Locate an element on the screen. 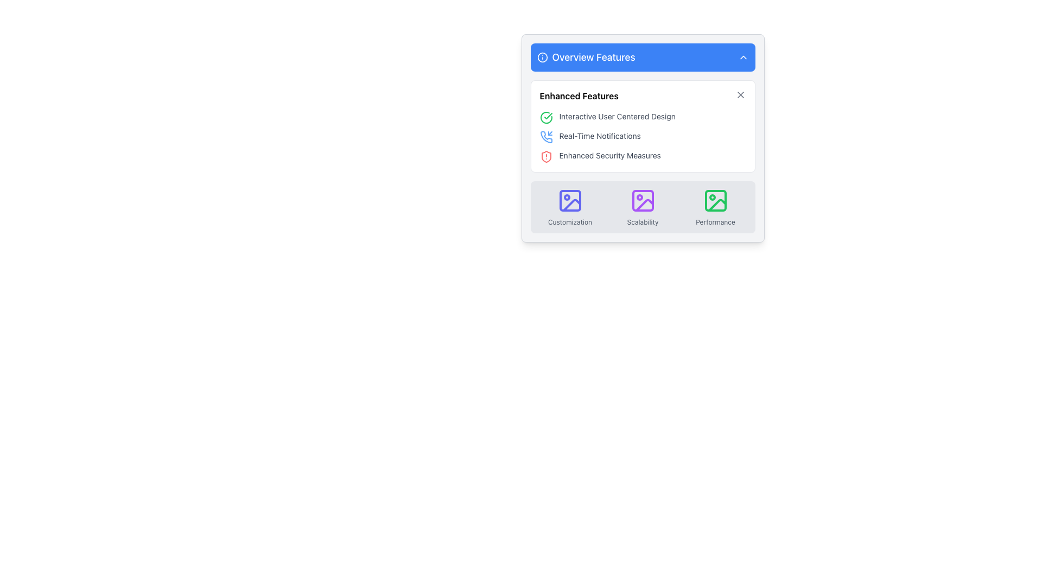 This screenshot has height=586, width=1042. the enhanced security icon, which serves as a visual indicator highlighting the importance of enhanced security measures is located at coordinates (546, 157).